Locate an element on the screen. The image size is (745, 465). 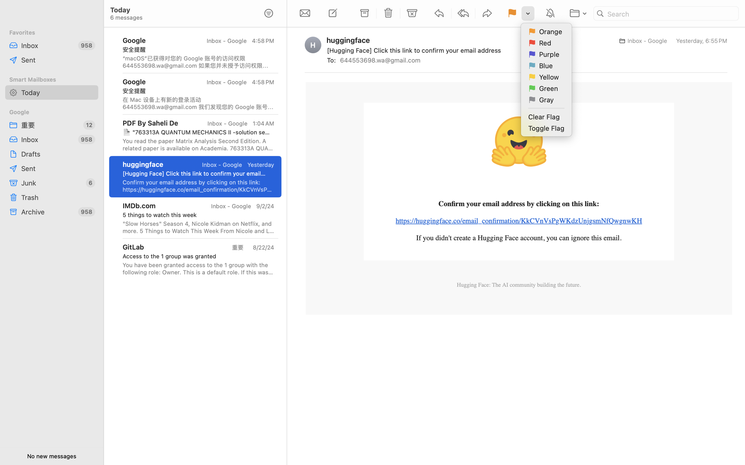
'📄 "763313A QUANTUM MECHANICS II -solution set 2 -spring 2014" by Saheli De' is located at coordinates (196, 132).